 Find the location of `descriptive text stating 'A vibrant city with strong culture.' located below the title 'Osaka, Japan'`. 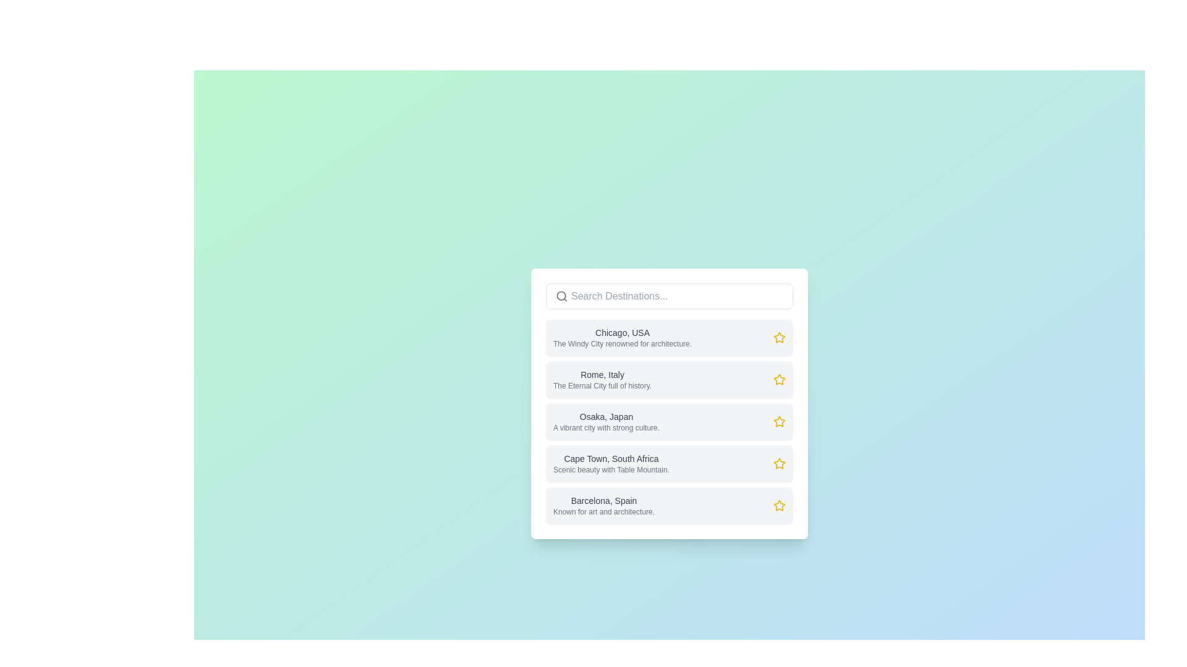

descriptive text stating 'A vibrant city with strong culture.' located below the title 'Osaka, Japan' is located at coordinates (606, 427).